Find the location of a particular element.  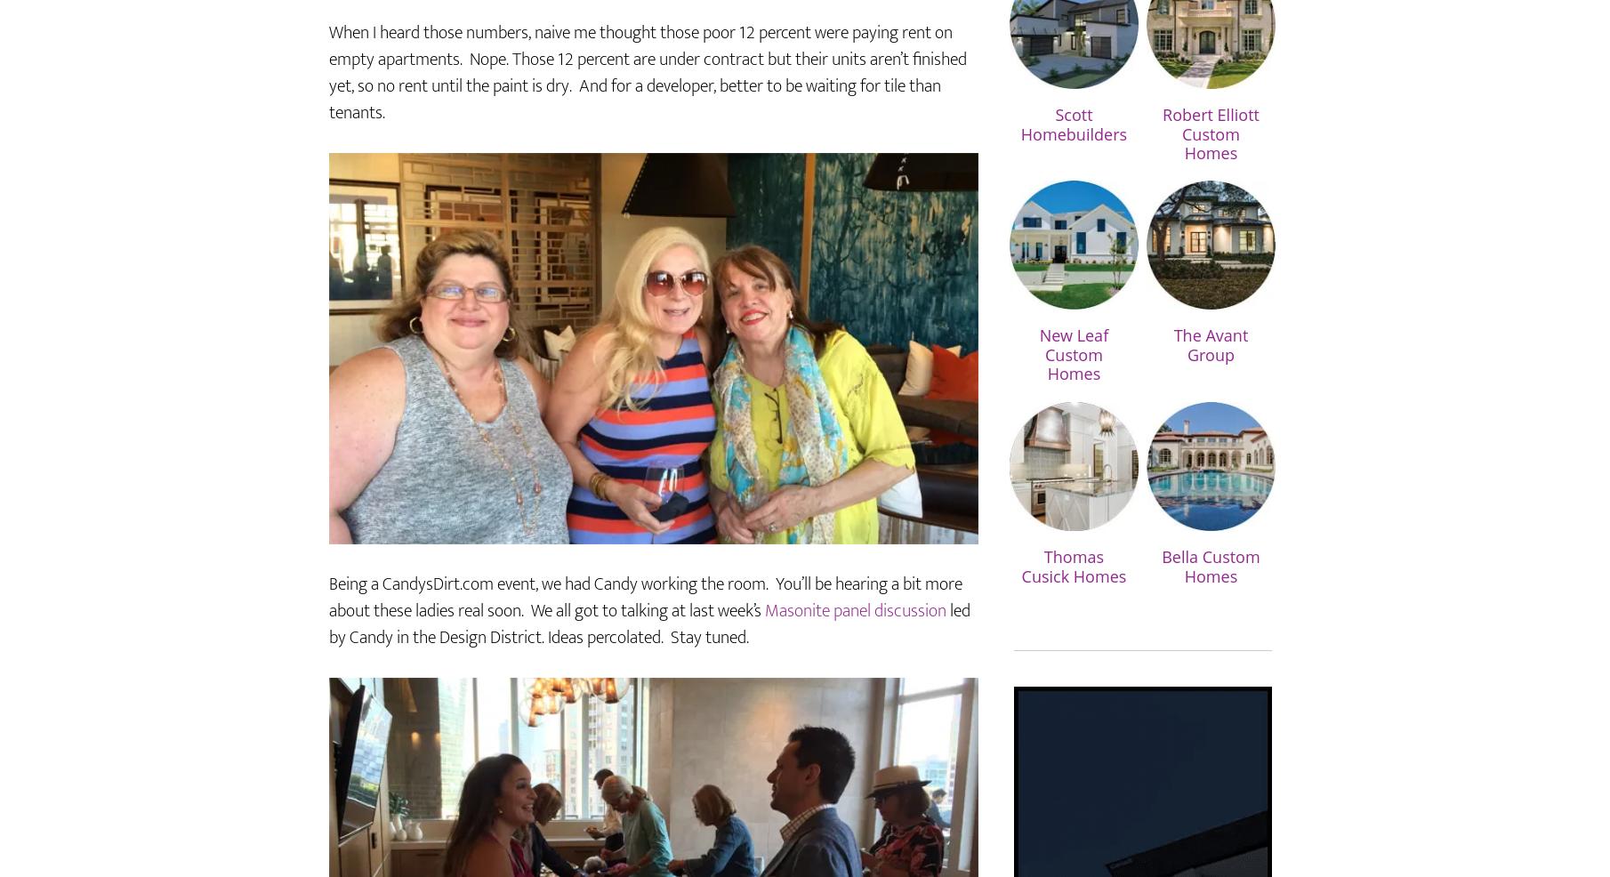

'New Leaf Custom Homes' is located at coordinates (1073, 406).